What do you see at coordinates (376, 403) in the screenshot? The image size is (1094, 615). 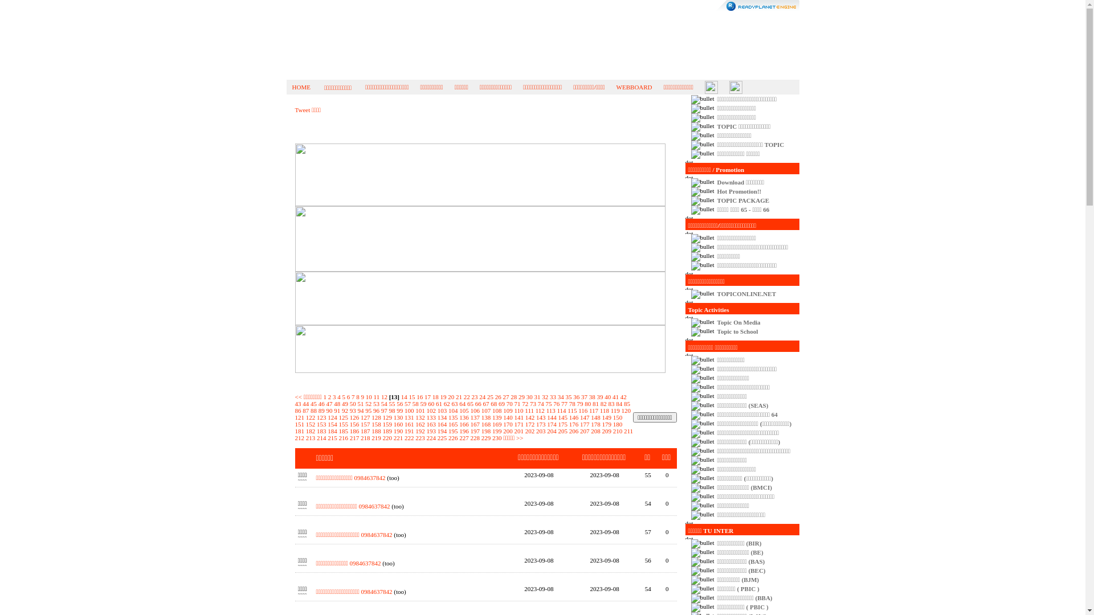 I see `'53'` at bounding box center [376, 403].